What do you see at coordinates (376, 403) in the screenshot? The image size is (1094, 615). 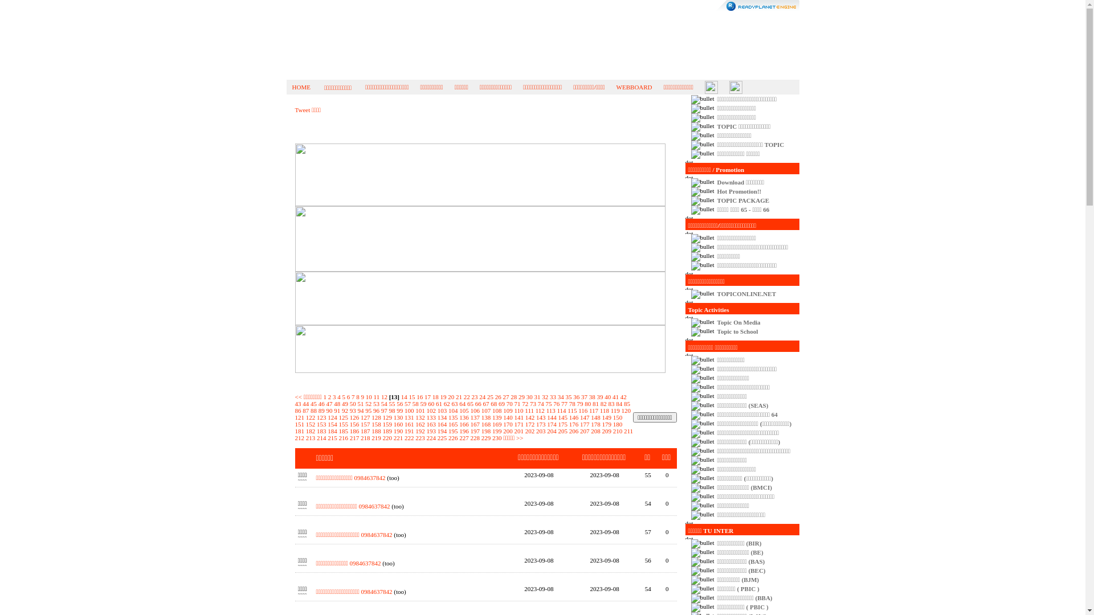 I see `'53'` at bounding box center [376, 403].